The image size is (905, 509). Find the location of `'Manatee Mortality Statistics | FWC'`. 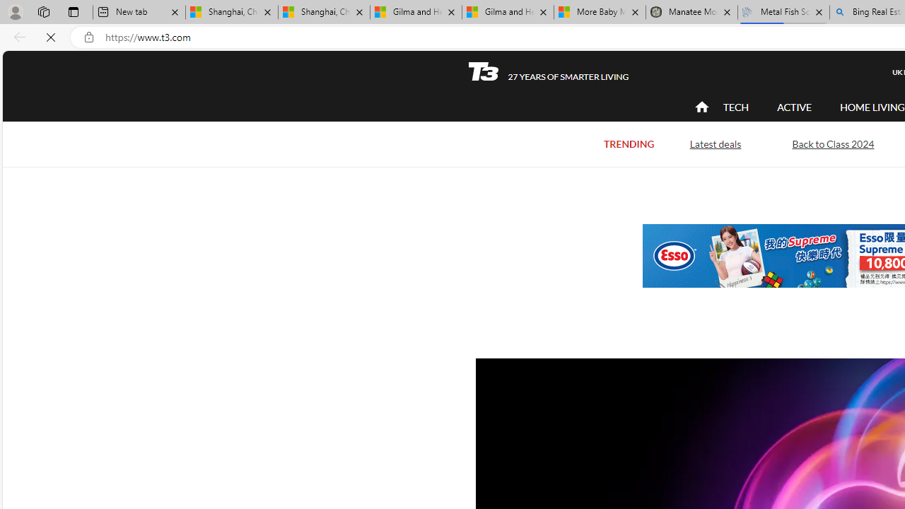

'Manatee Mortality Statistics | FWC' is located at coordinates (691, 12).